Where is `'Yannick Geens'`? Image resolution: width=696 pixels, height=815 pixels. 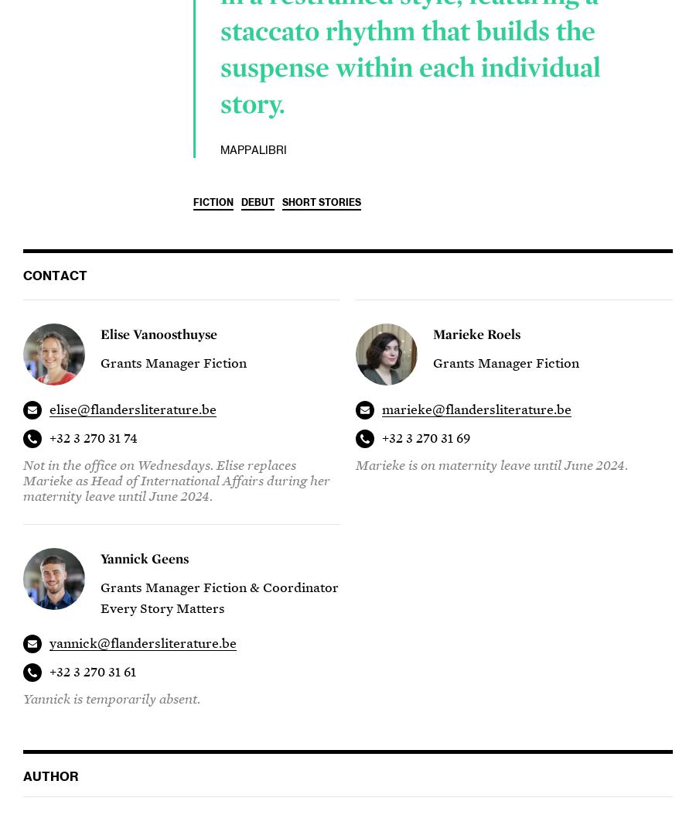
'Yannick Geens' is located at coordinates (145, 557).